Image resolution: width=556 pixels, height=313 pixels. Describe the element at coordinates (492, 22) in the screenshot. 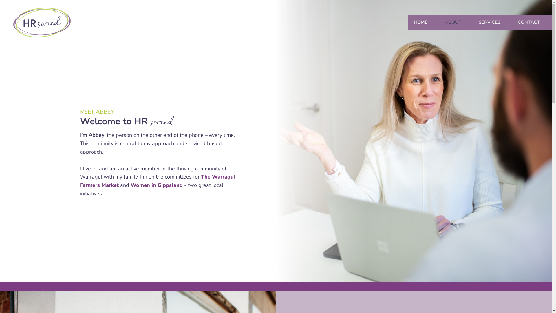

I see `'SERVICES'` at that location.